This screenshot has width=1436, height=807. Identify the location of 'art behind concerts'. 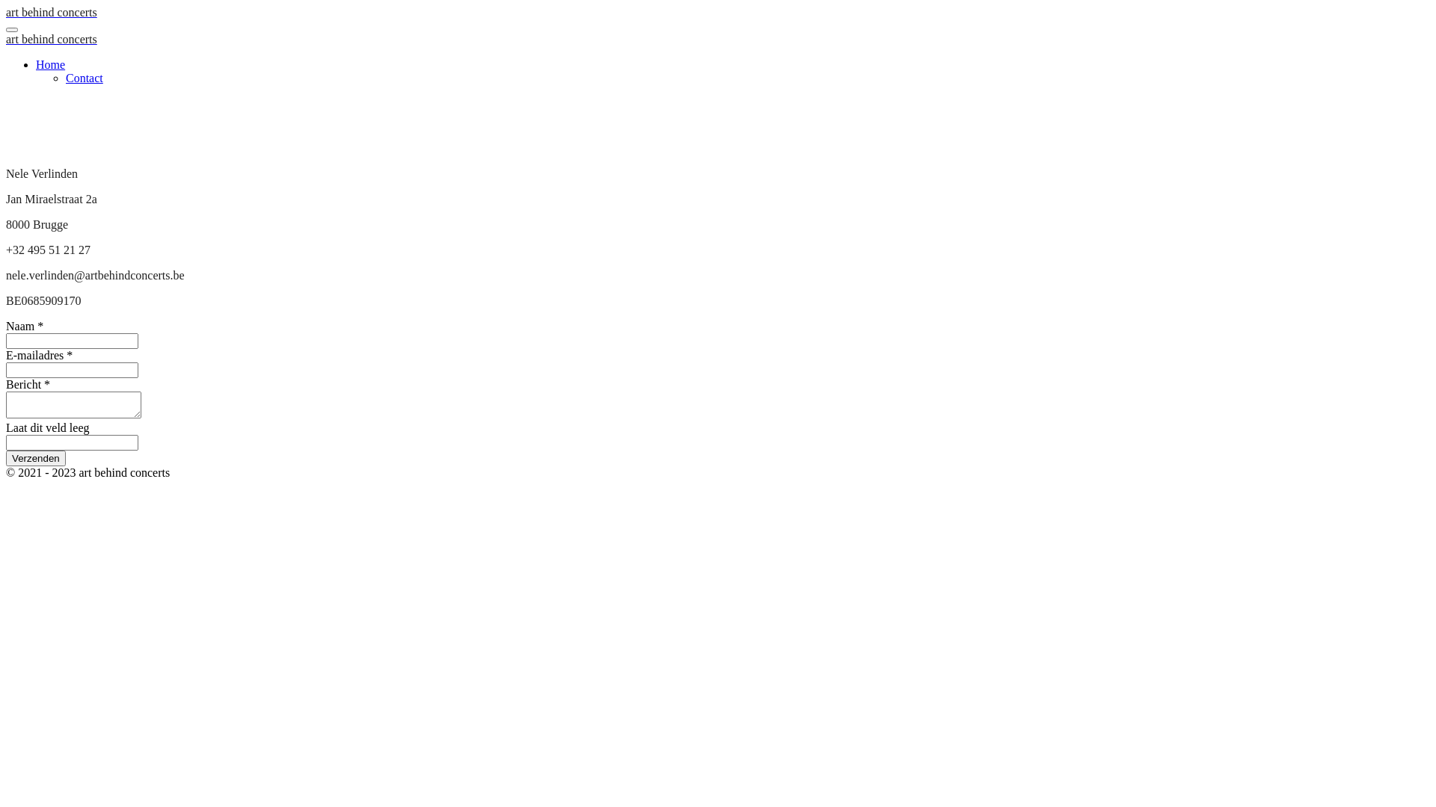
(51, 12).